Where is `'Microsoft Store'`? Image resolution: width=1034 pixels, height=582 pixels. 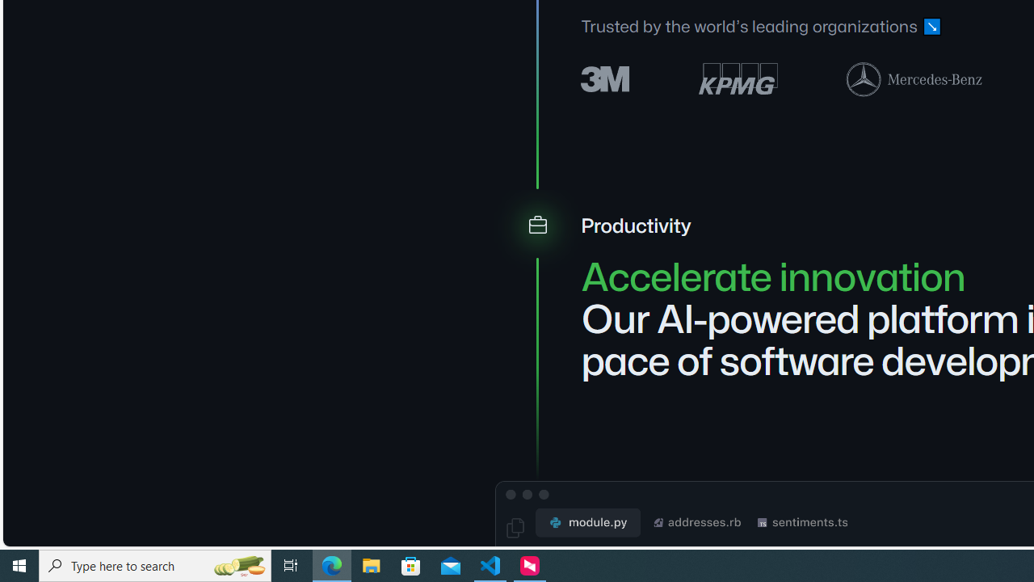
'Microsoft Store' is located at coordinates (411, 564).